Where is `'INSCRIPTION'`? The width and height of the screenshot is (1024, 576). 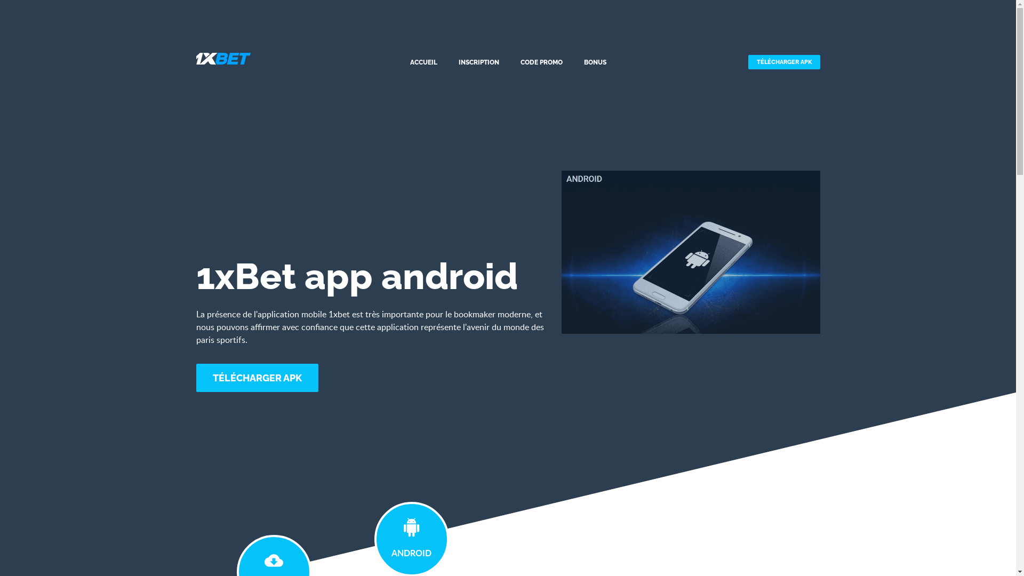
'INSCRIPTION' is located at coordinates (458, 62).